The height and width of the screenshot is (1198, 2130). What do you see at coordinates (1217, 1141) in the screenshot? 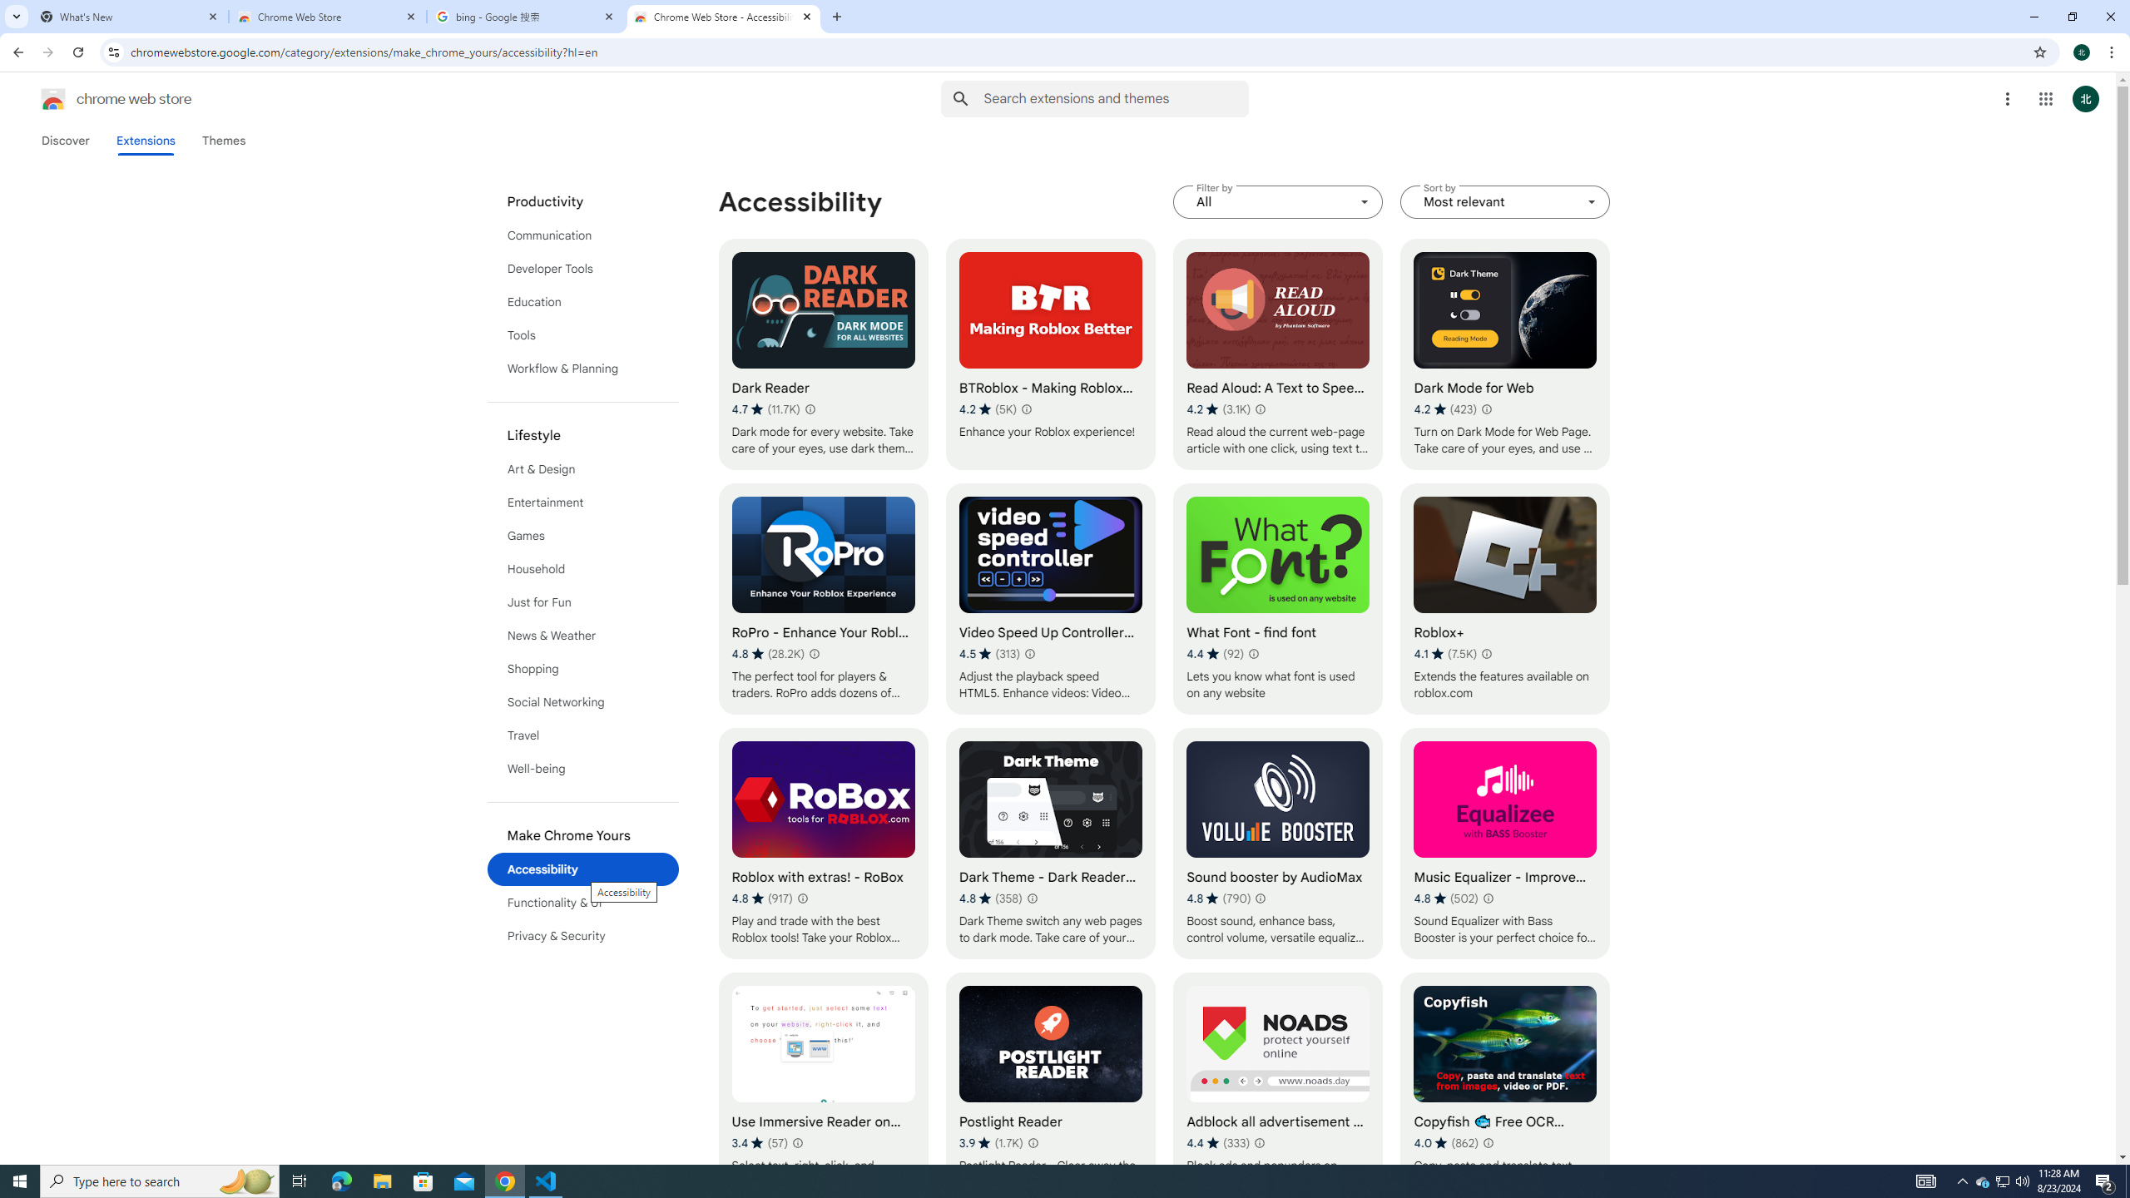
I see `'Average rating 4.4 out of 5 stars. 333 ratings.'` at bounding box center [1217, 1141].